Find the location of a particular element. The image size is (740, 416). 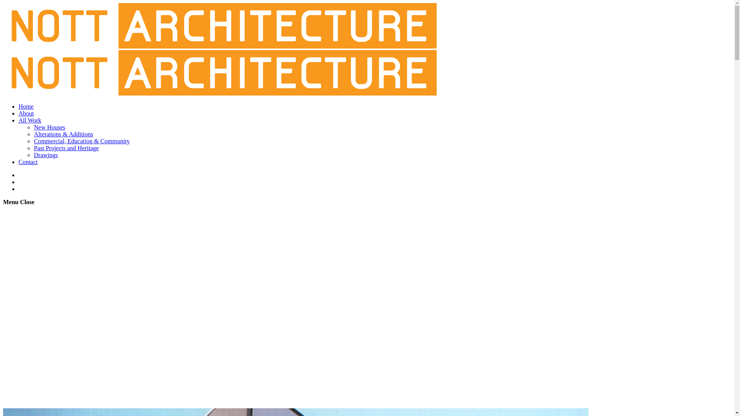

'New Houses' is located at coordinates (49, 127).